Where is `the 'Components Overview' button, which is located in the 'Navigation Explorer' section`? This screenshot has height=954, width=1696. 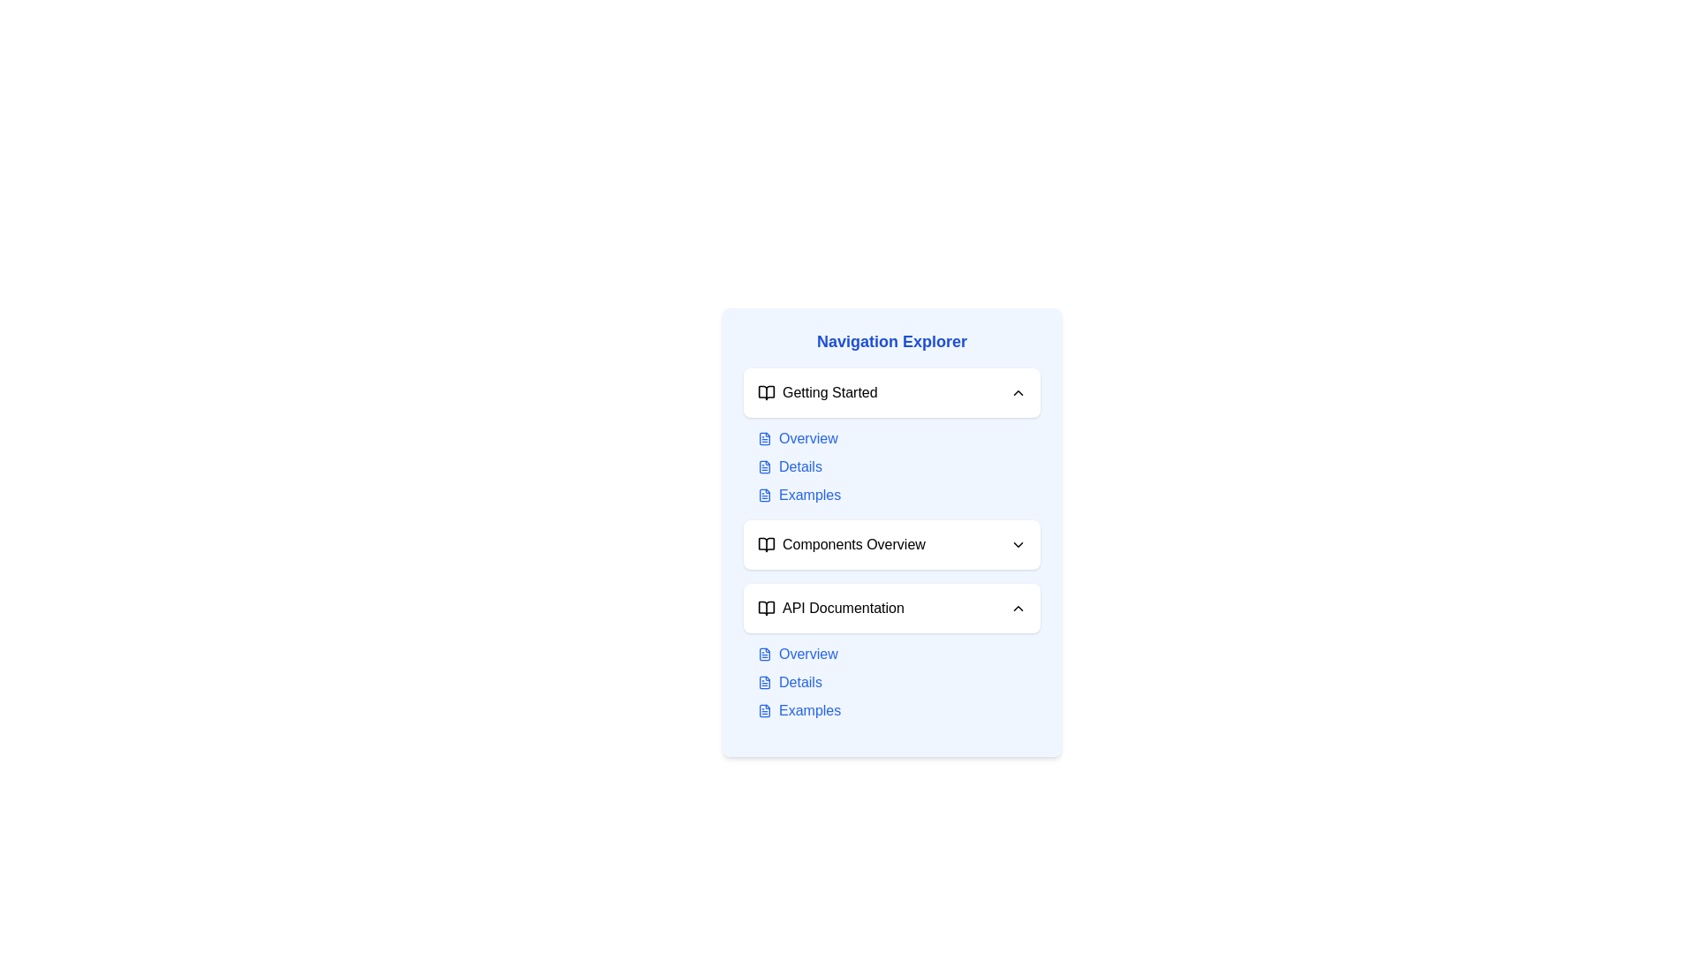 the 'Components Overview' button, which is located in the 'Navigation Explorer' section is located at coordinates (891, 544).